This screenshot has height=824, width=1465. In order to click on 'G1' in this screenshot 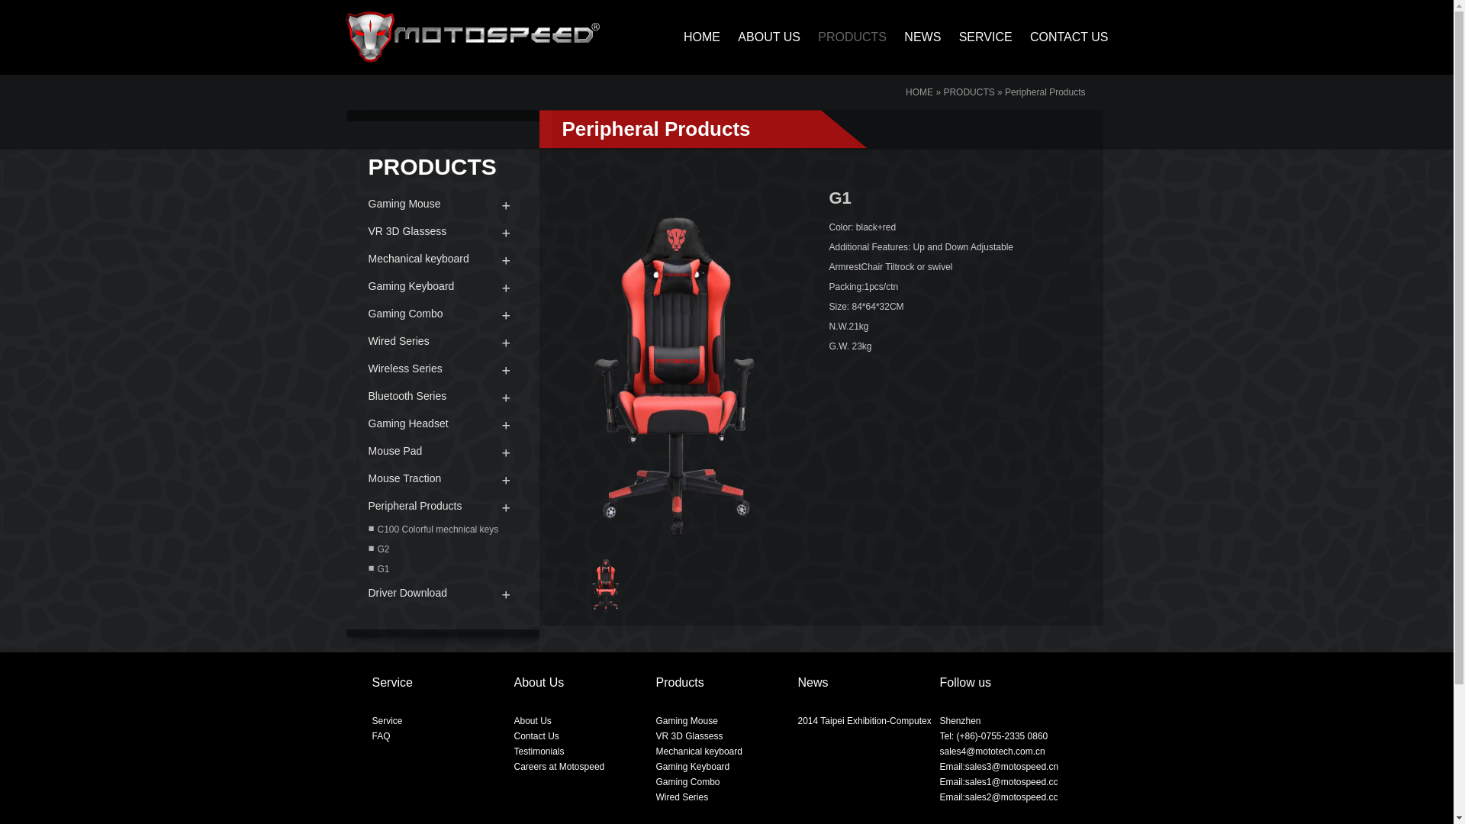, I will do `click(441, 568)`.